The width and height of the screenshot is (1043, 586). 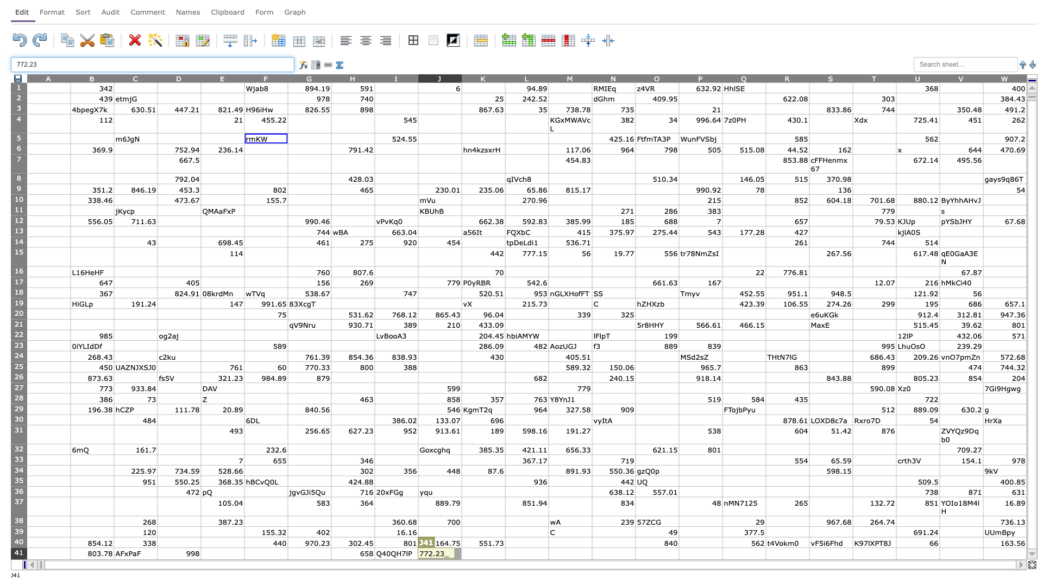 I want to click on Left margin of K41, so click(x=461, y=557).